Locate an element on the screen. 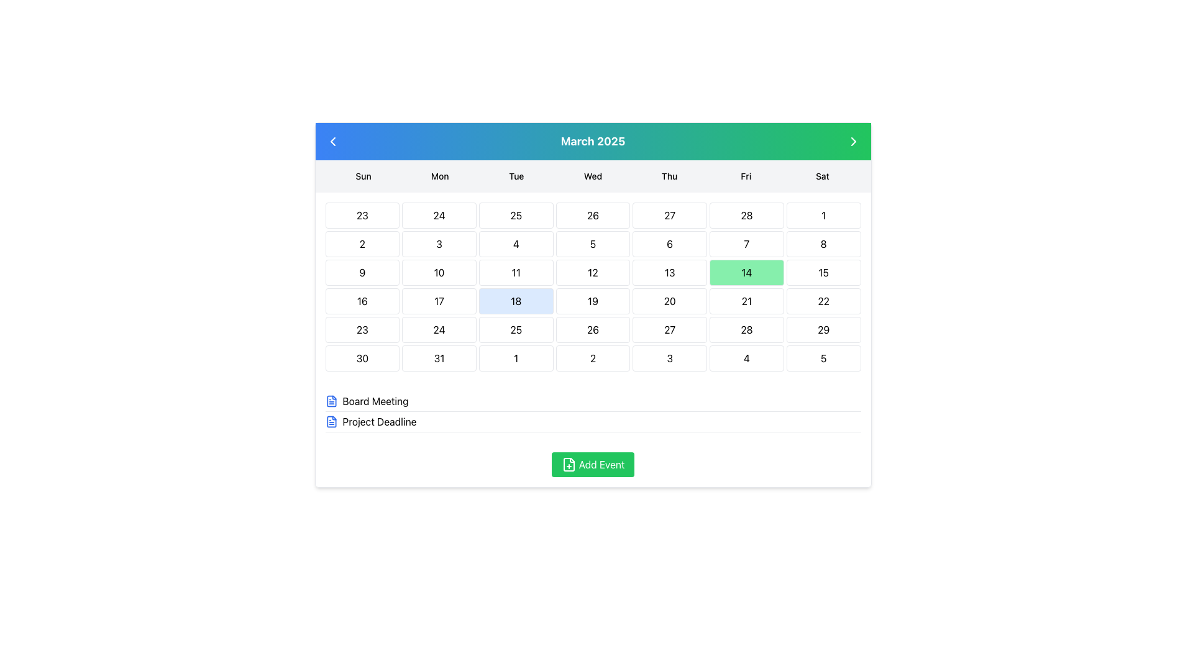  the static text element representing the eighth day of the month in a calendar grid, located in the second row and seventh column is located at coordinates (823, 244).